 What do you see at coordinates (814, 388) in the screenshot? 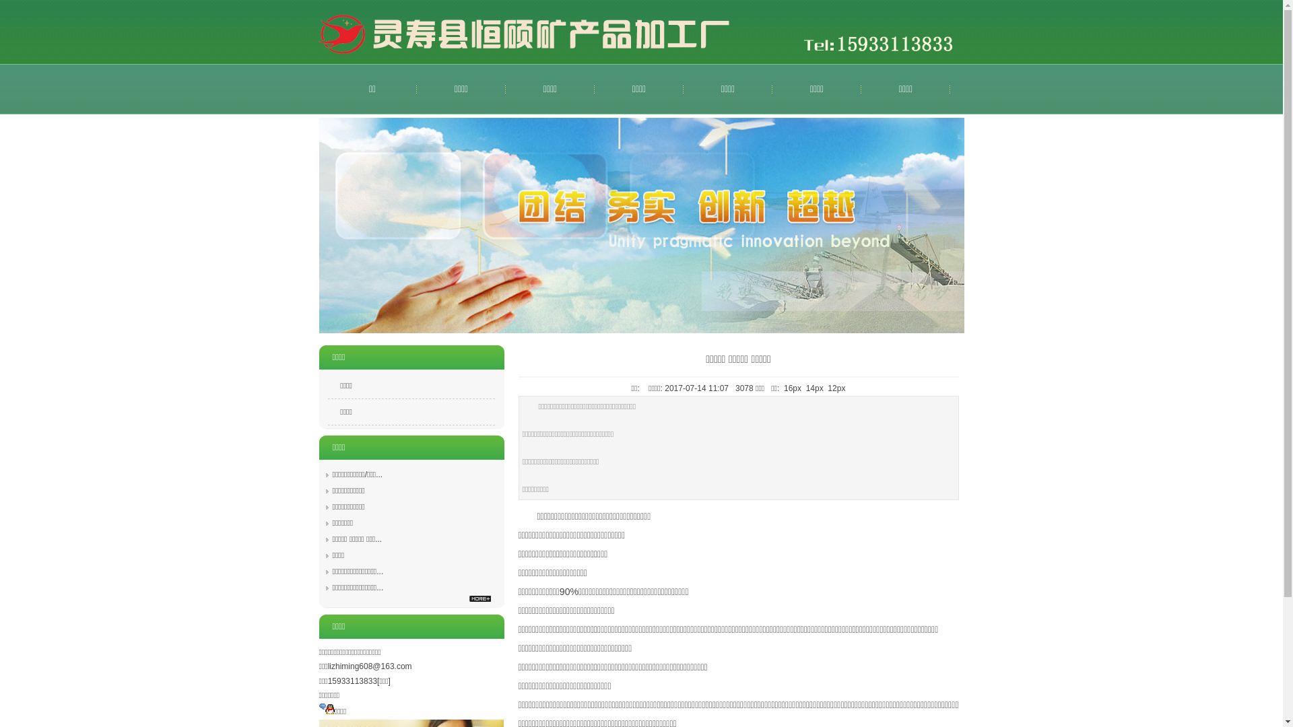
I see `'14px'` at bounding box center [814, 388].